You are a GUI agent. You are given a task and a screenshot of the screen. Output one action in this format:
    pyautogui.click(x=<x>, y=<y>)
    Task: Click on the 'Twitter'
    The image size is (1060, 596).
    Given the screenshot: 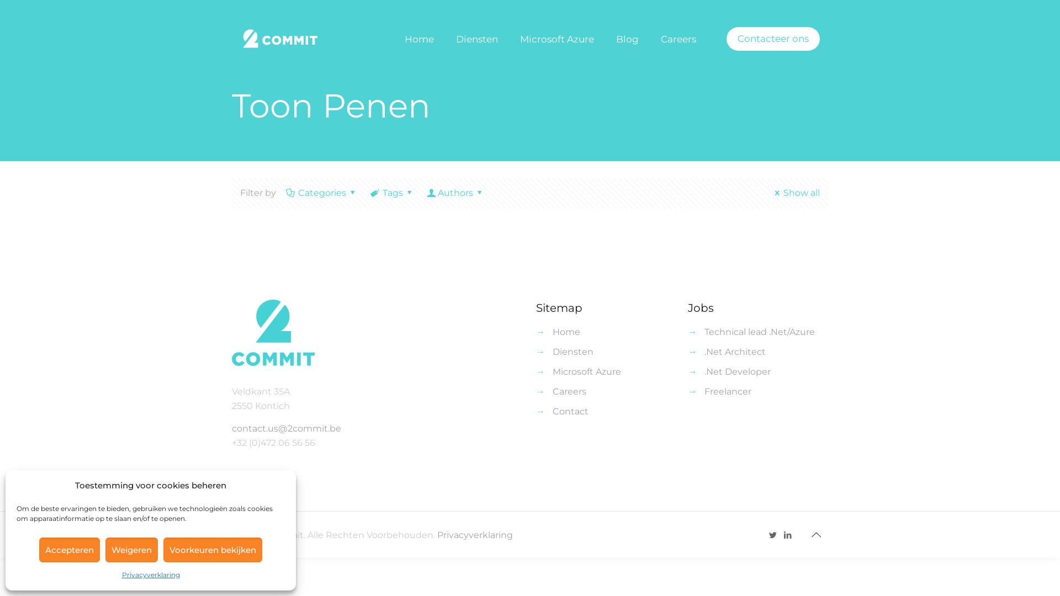 What is the action you would take?
    pyautogui.click(x=772, y=534)
    